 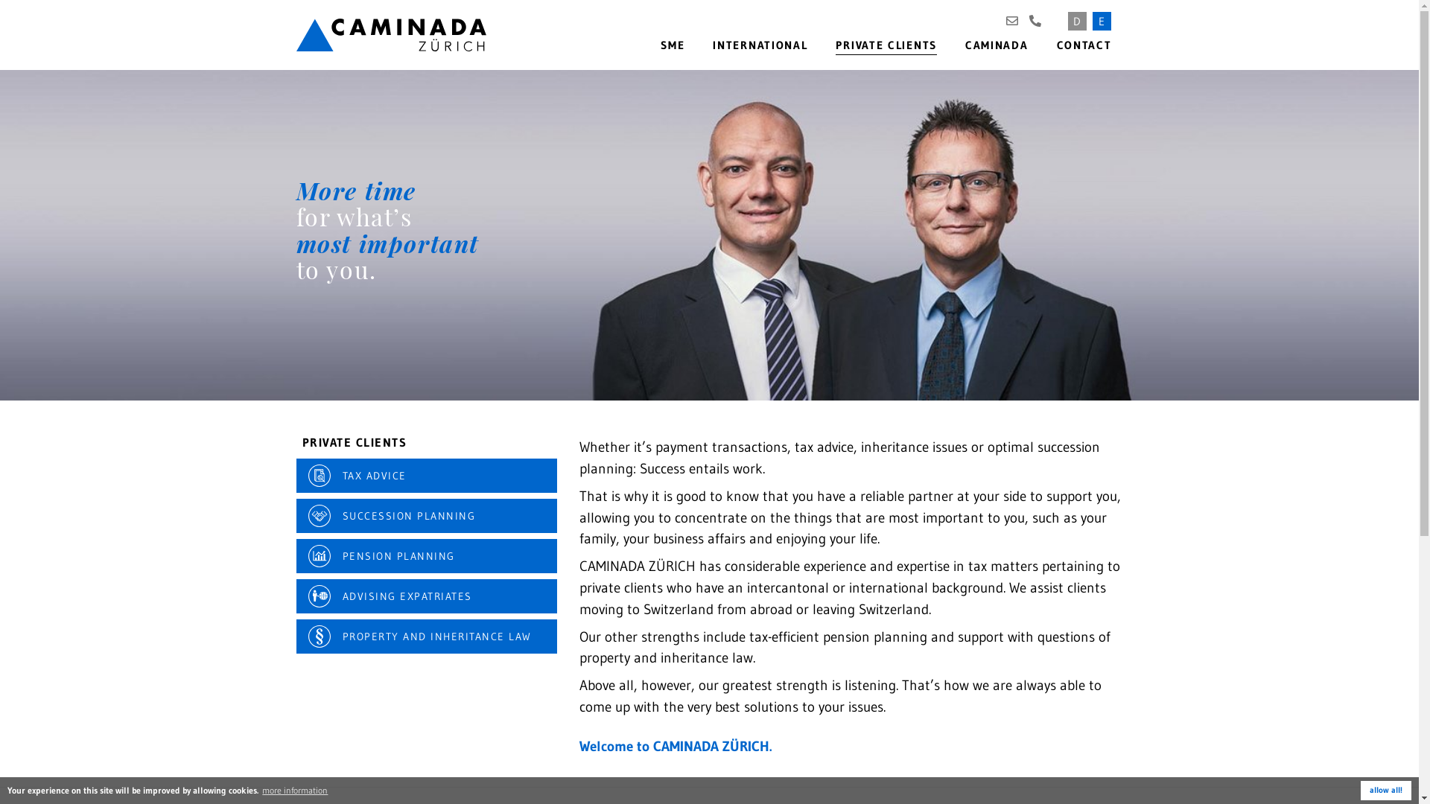 I want to click on 'INTERNATIONAL', so click(x=700, y=45).